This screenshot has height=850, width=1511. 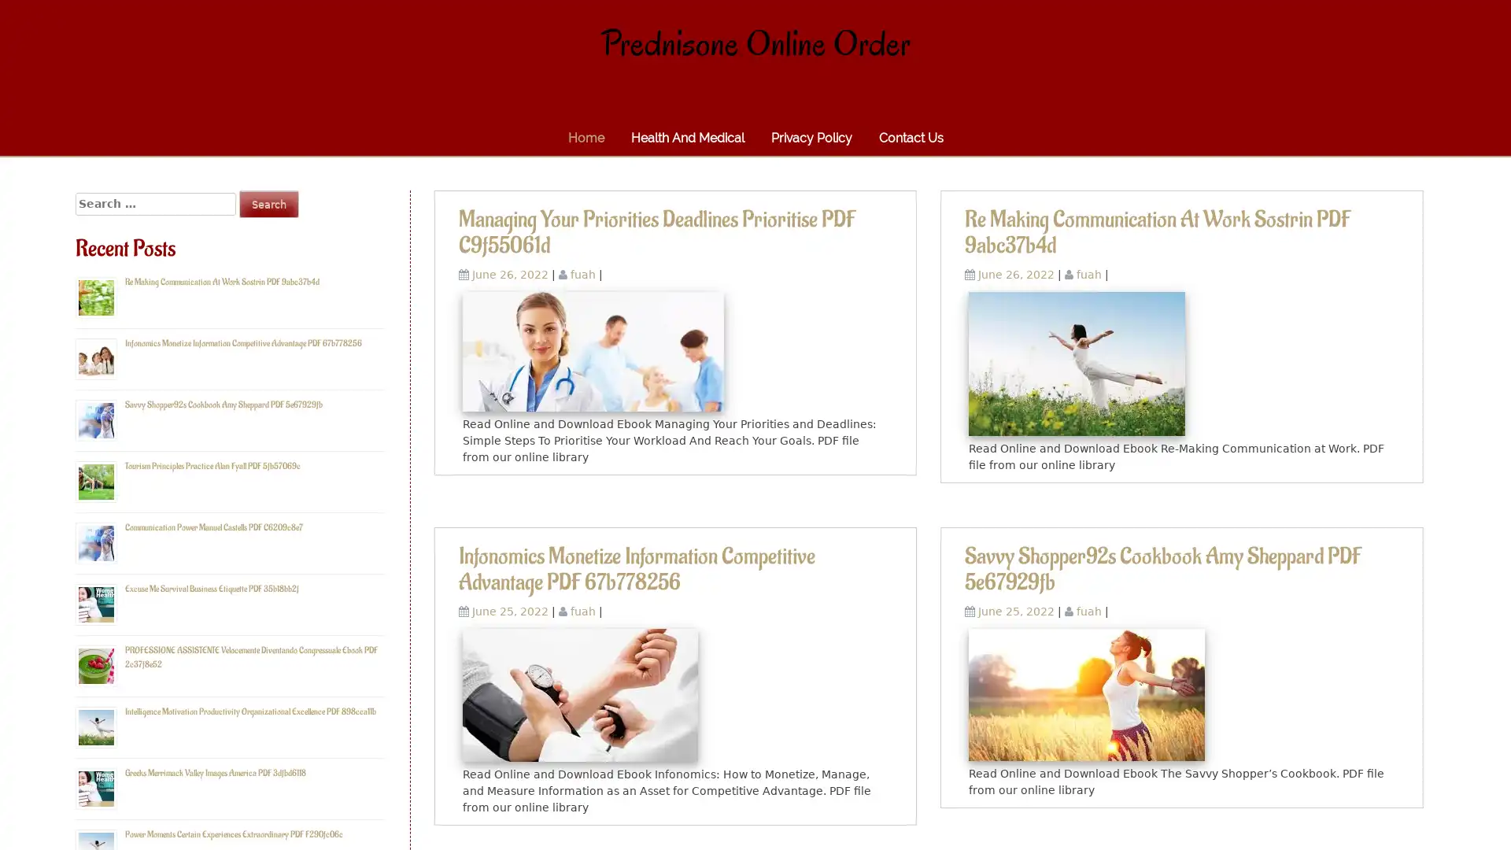 I want to click on Search, so click(x=268, y=203).